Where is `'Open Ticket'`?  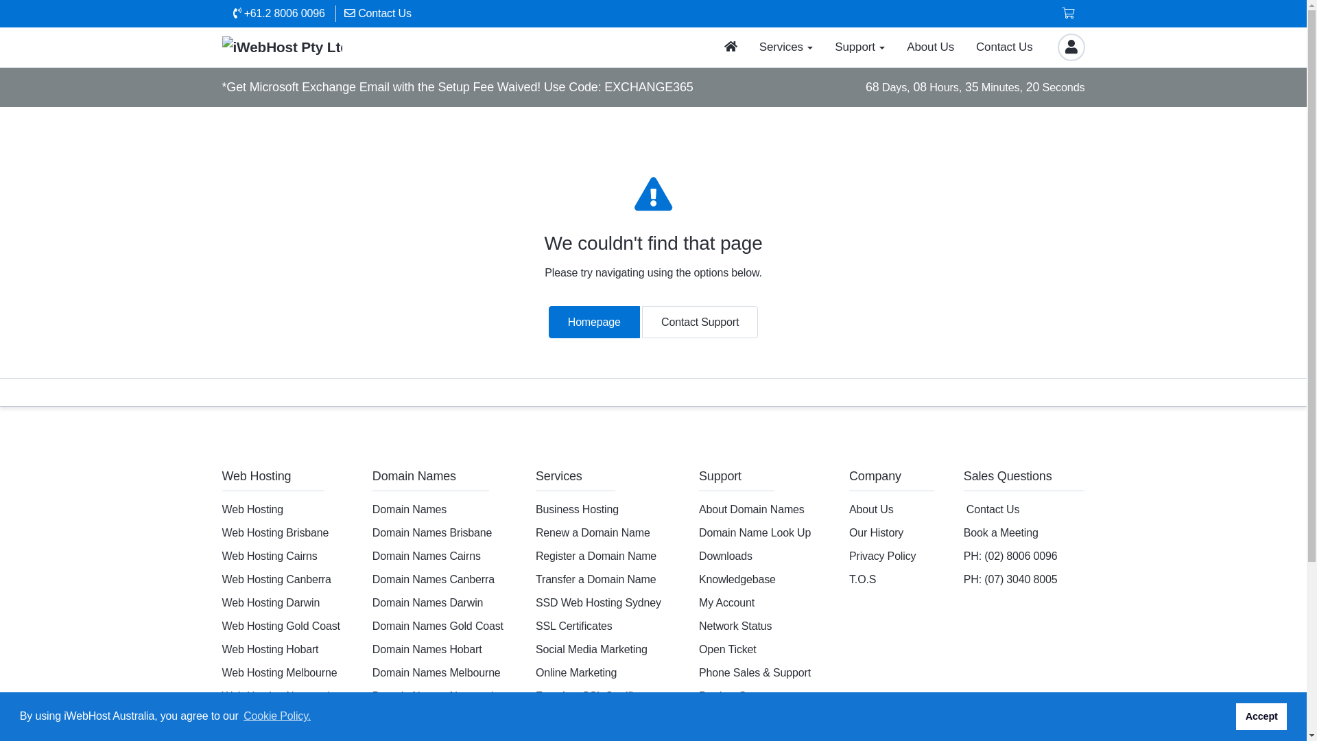
'Open Ticket' is located at coordinates (726, 648).